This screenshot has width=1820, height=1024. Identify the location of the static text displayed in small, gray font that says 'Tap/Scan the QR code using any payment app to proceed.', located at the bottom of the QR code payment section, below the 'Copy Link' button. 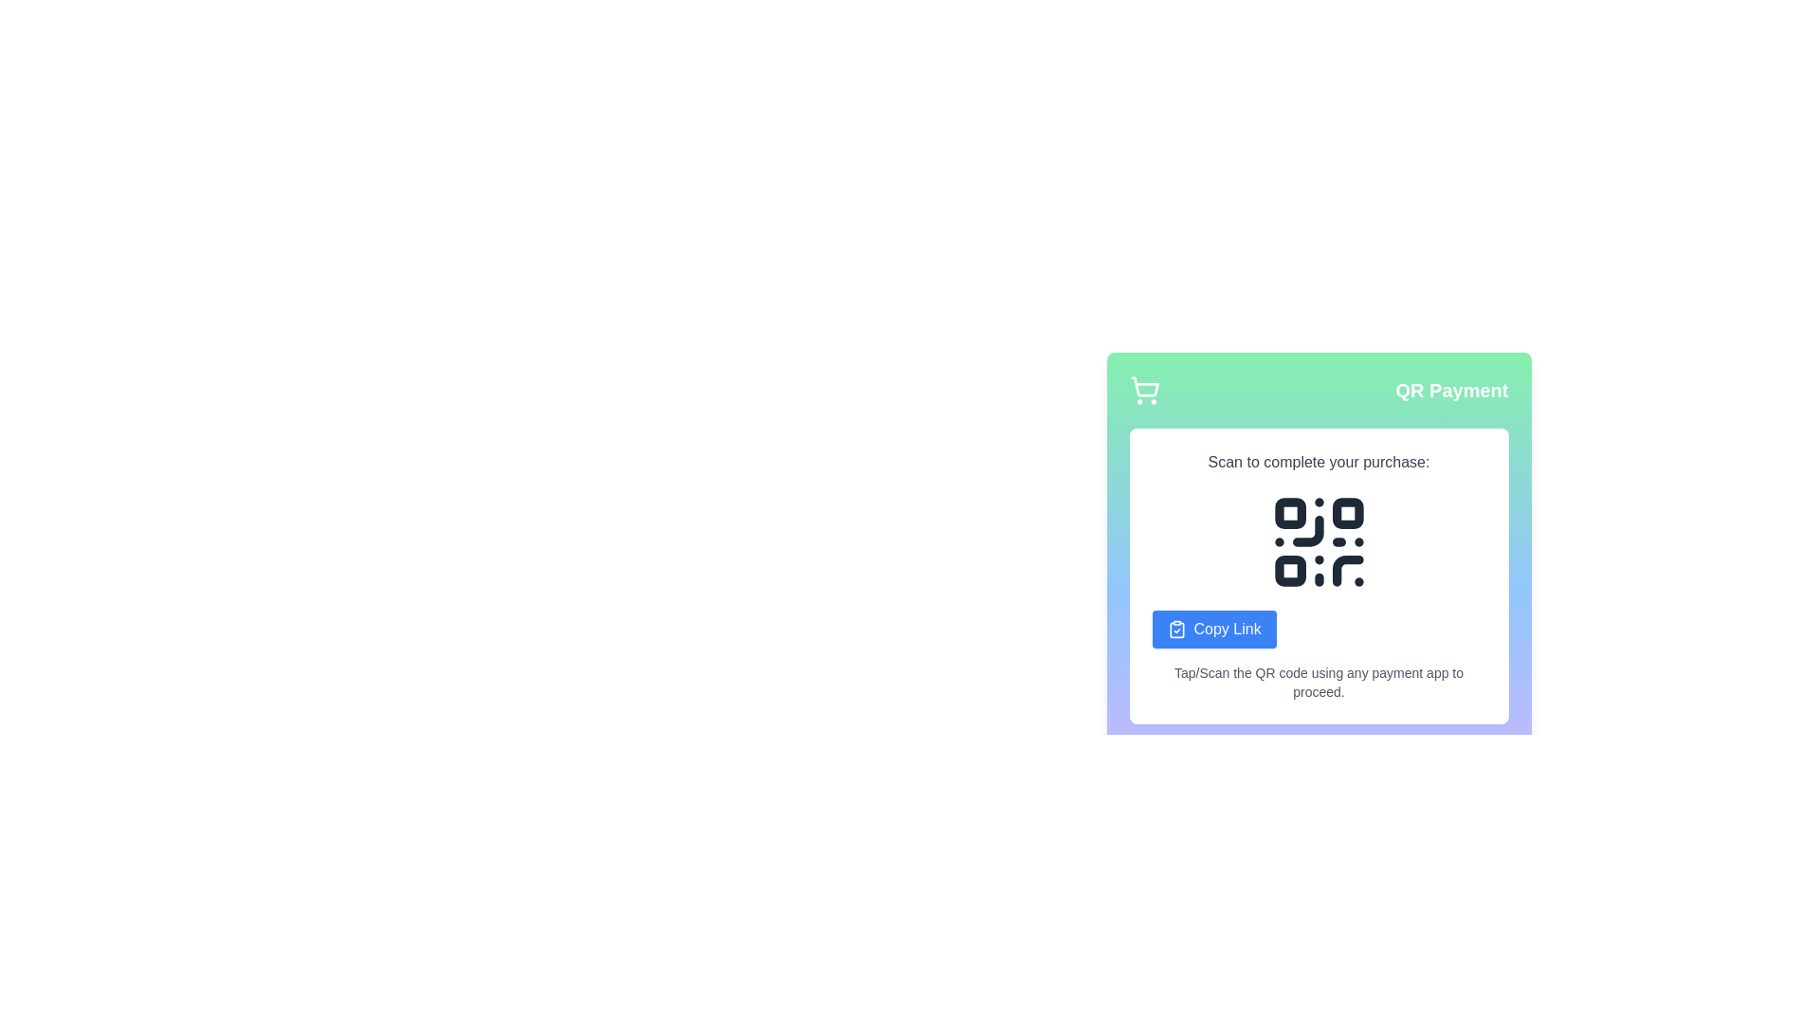
(1318, 683).